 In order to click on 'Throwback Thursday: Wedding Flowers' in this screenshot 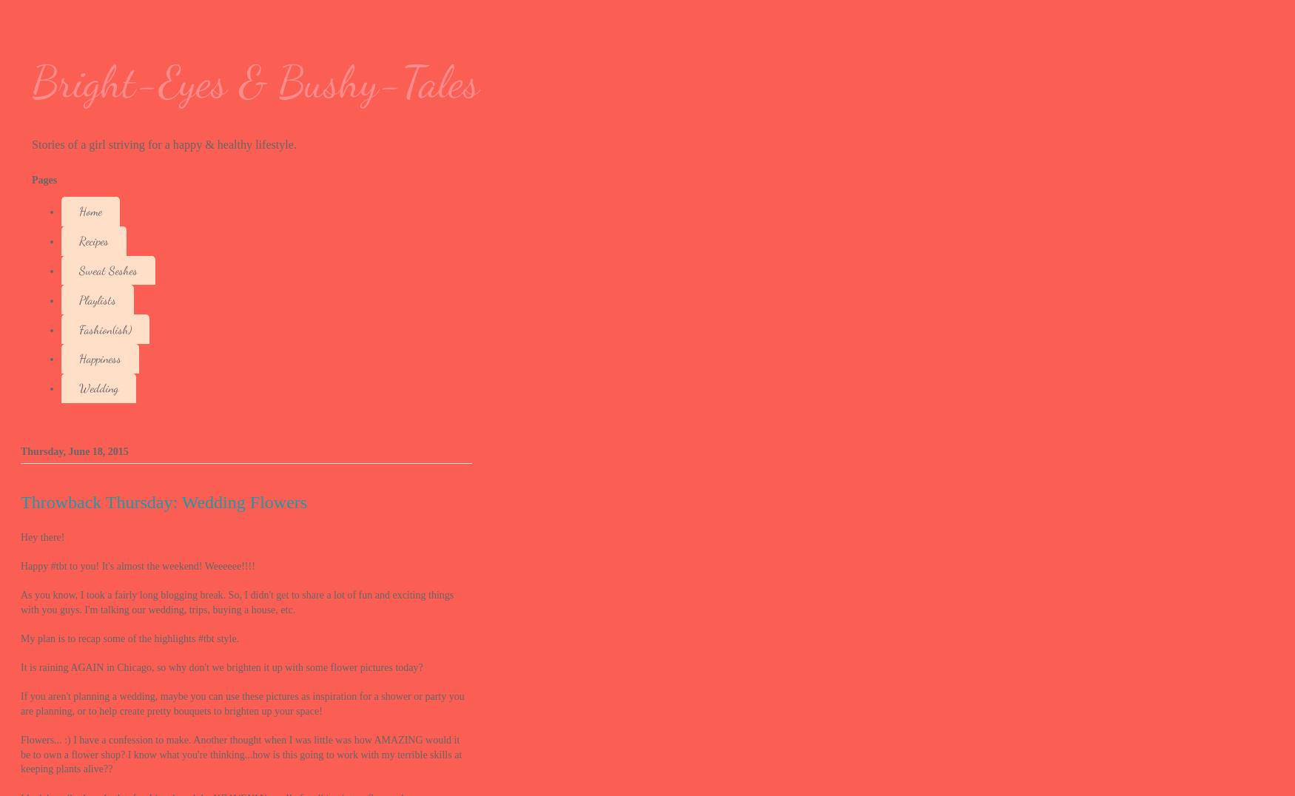, I will do `click(164, 501)`.